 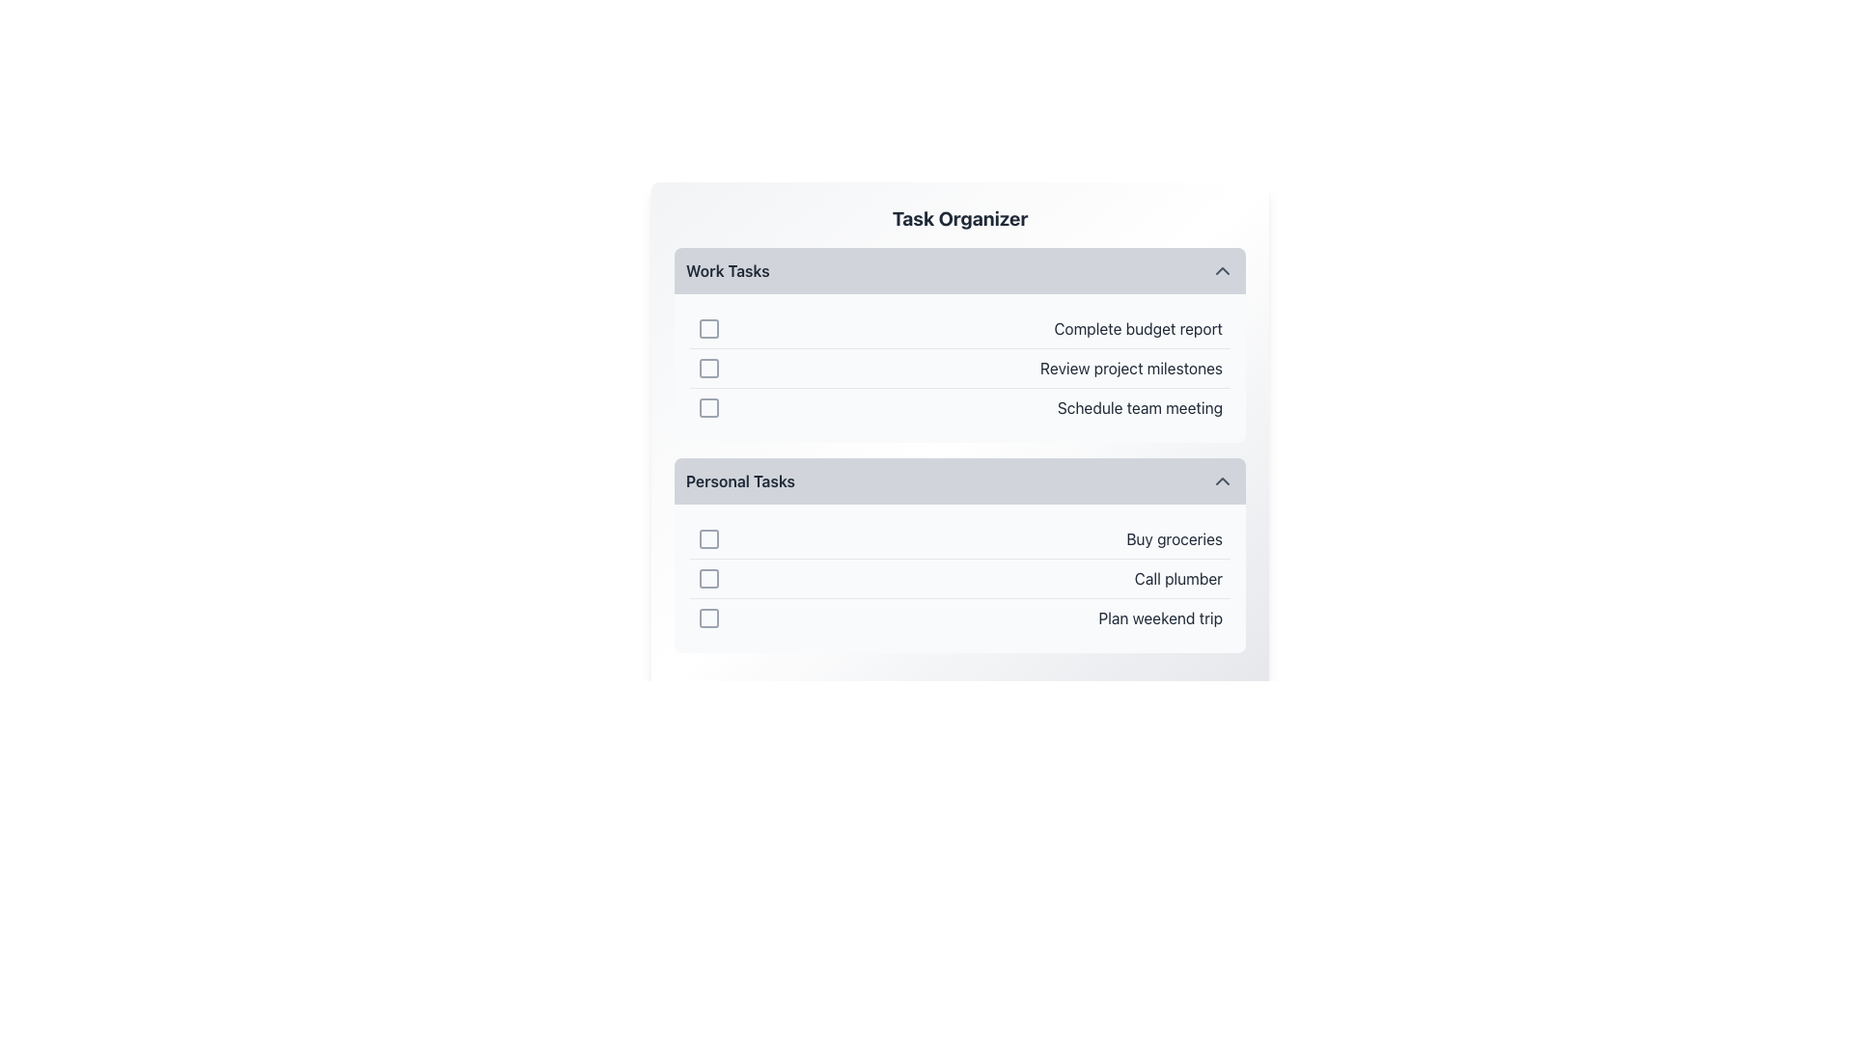 I want to click on the 'Work Tasks' text label in the top left segment of the light gray header bar, which identifies the tasks below, so click(x=727, y=271).